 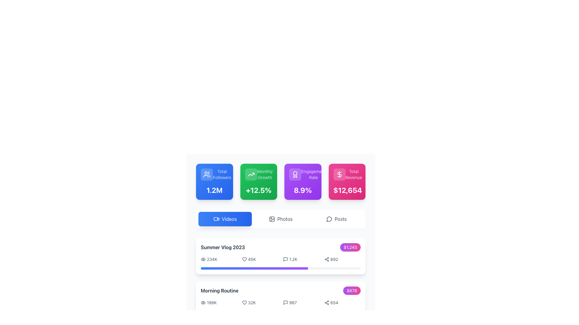 What do you see at coordinates (251, 174) in the screenshot?
I see `polyline element forming a zigzag trend line in the SVG above the '+12.5%' text within the green 'Monthly Growth' card for its attributes` at bounding box center [251, 174].